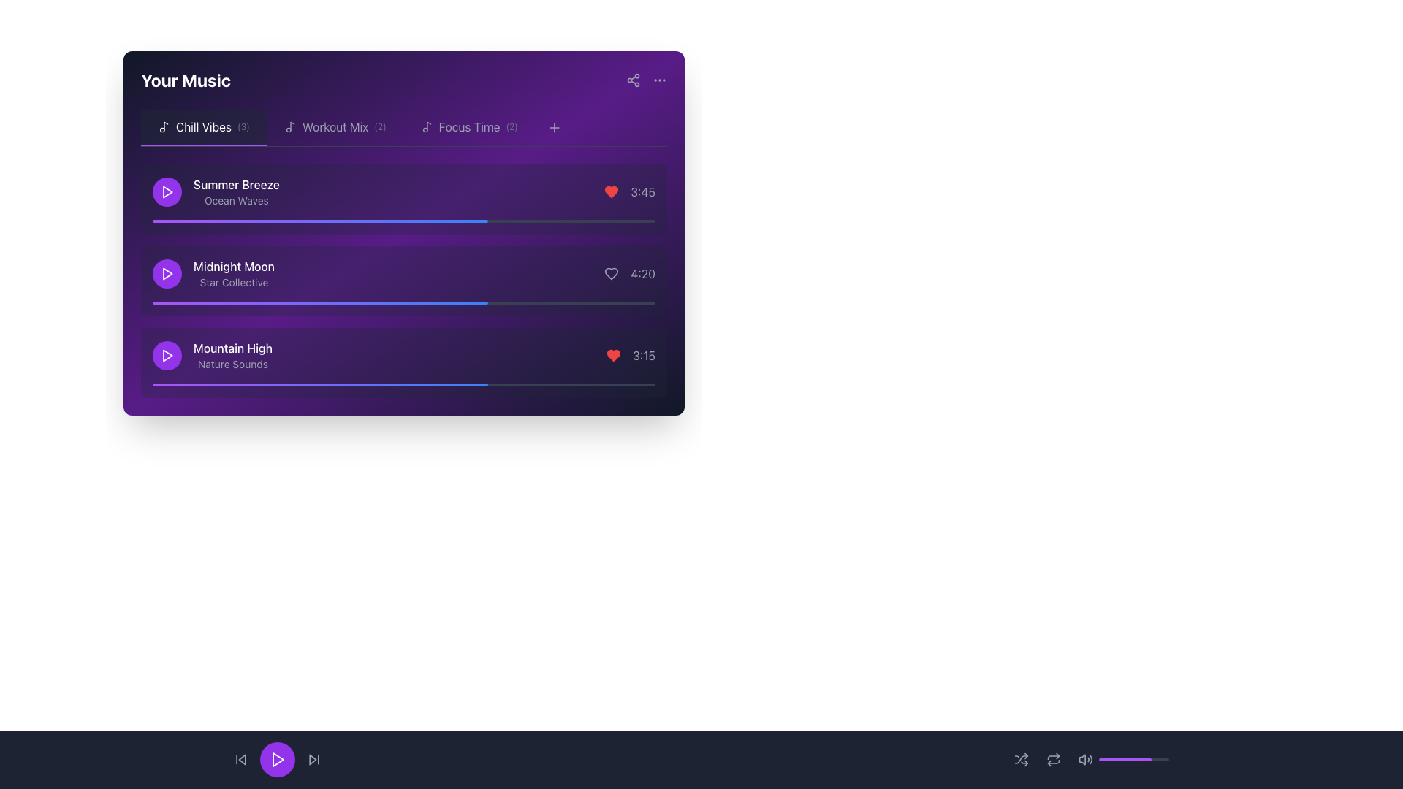  I want to click on the share button located in the upper-right corner of the 'Your Music' purple panel to initiate a share action, so click(634, 80).